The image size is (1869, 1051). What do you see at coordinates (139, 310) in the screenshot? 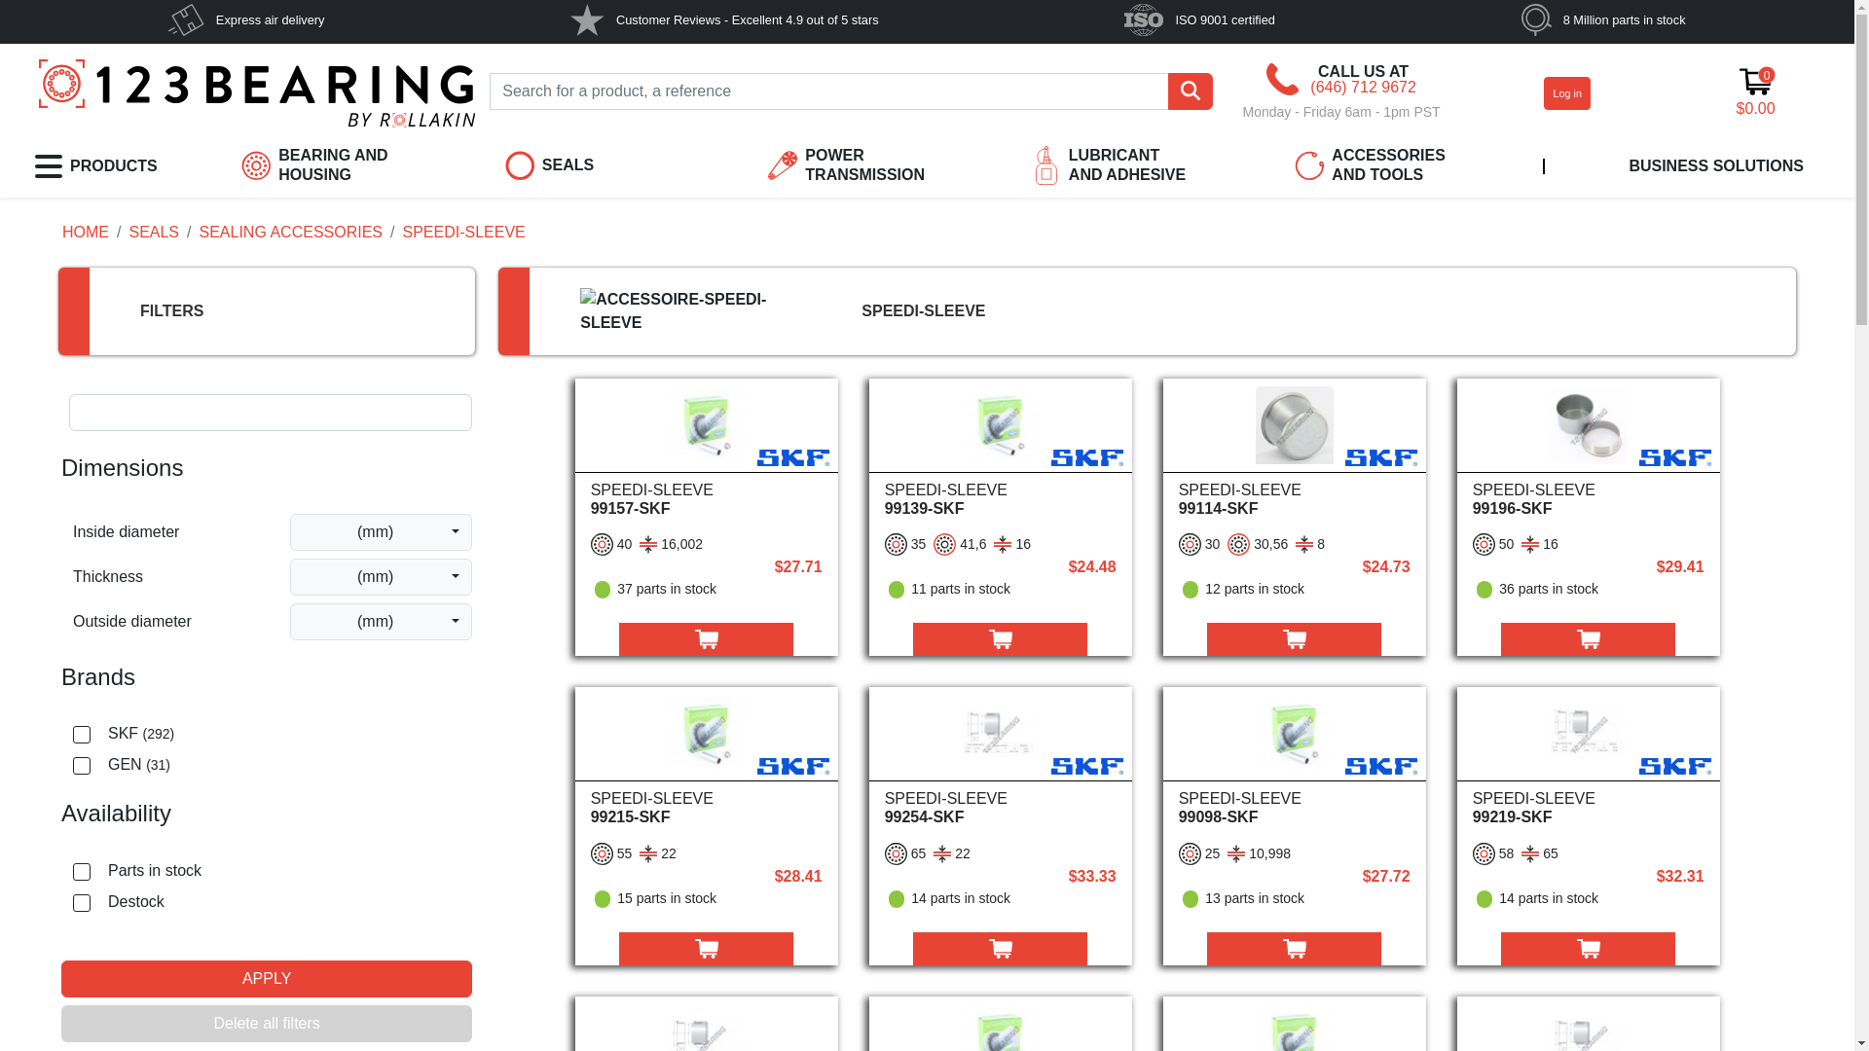
I see `'FILTERS'` at bounding box center [139, 310].